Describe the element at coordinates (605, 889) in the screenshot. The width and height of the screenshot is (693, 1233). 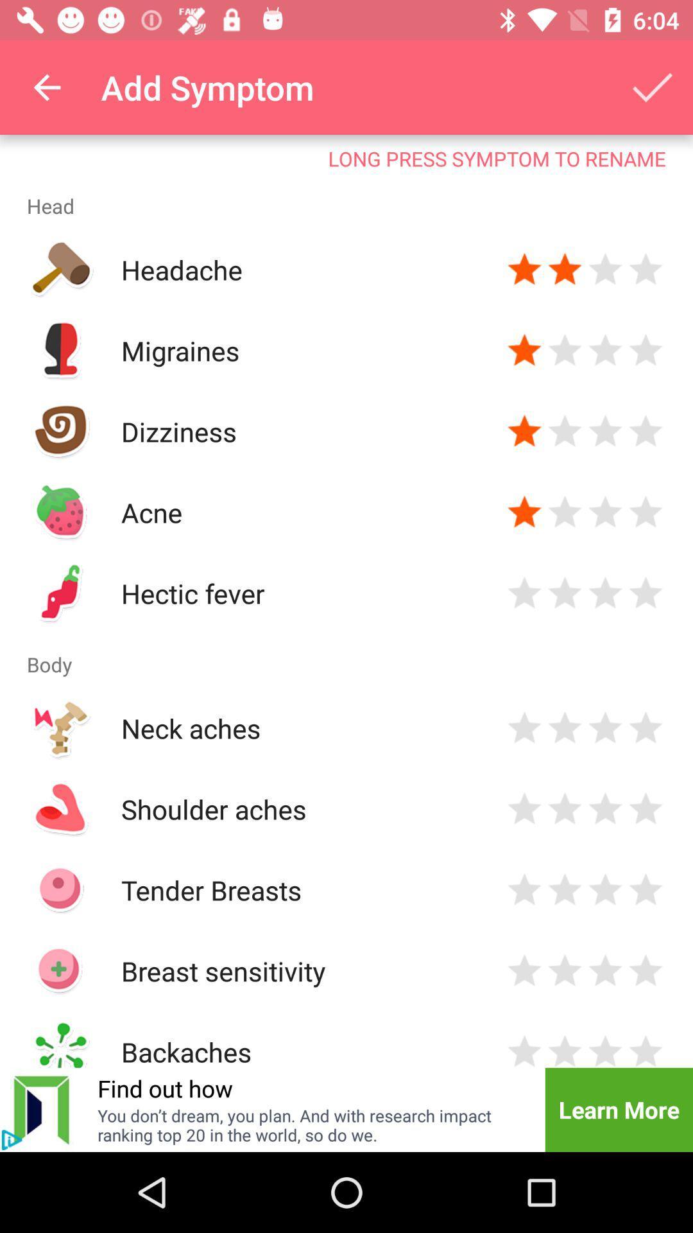
I see `rate tender breasts 3 stars` at that location.